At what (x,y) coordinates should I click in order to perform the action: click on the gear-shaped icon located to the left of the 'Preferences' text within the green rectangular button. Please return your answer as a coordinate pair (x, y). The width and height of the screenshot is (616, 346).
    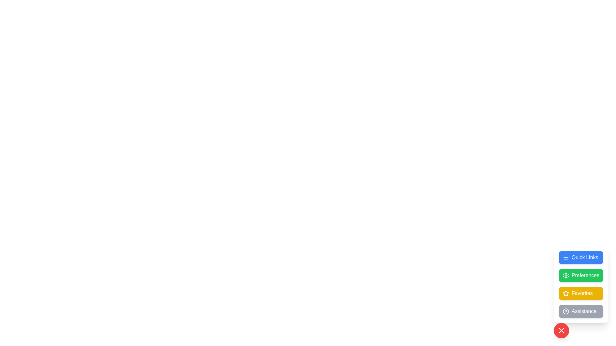
    Looking at the image, I should click on (566, 275).